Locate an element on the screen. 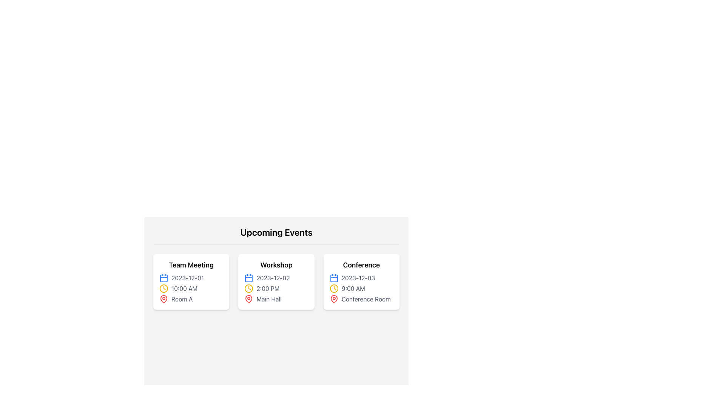 Image resolution: width=725 pixels, height=408 pixels. the text and accompanying icon indicating the location of the 'Workshop' event, located in the rightmost section under 'Upcoming Events', below '2:00 PM' is located at coordinates (276, 298).